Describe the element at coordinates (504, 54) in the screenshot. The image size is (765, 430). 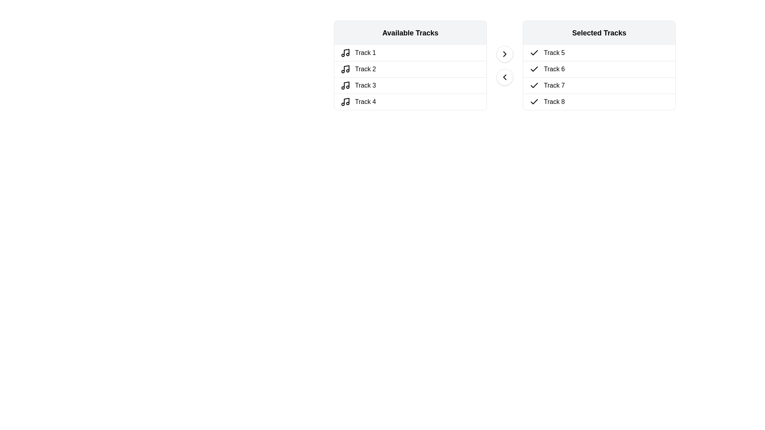
I see `the navigation chevron icon` at that location.